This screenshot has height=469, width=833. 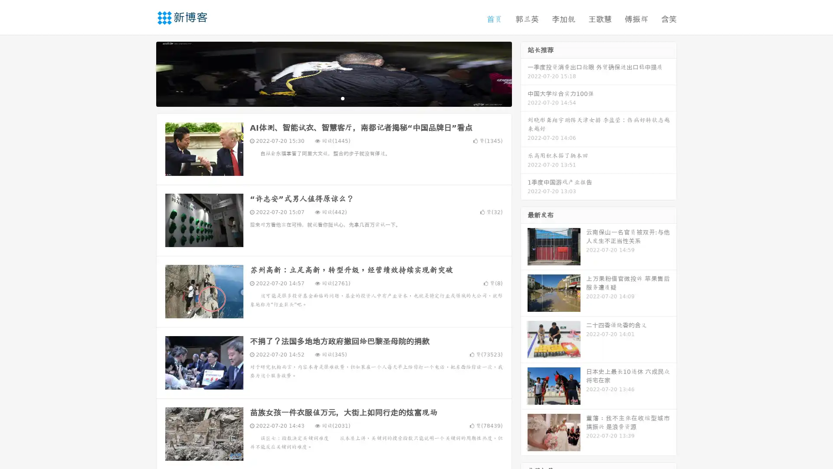 What do you see at coordinates (342, 98) in the screenshot?
I see `Go to slide 3` at bounding box center [342, 98].